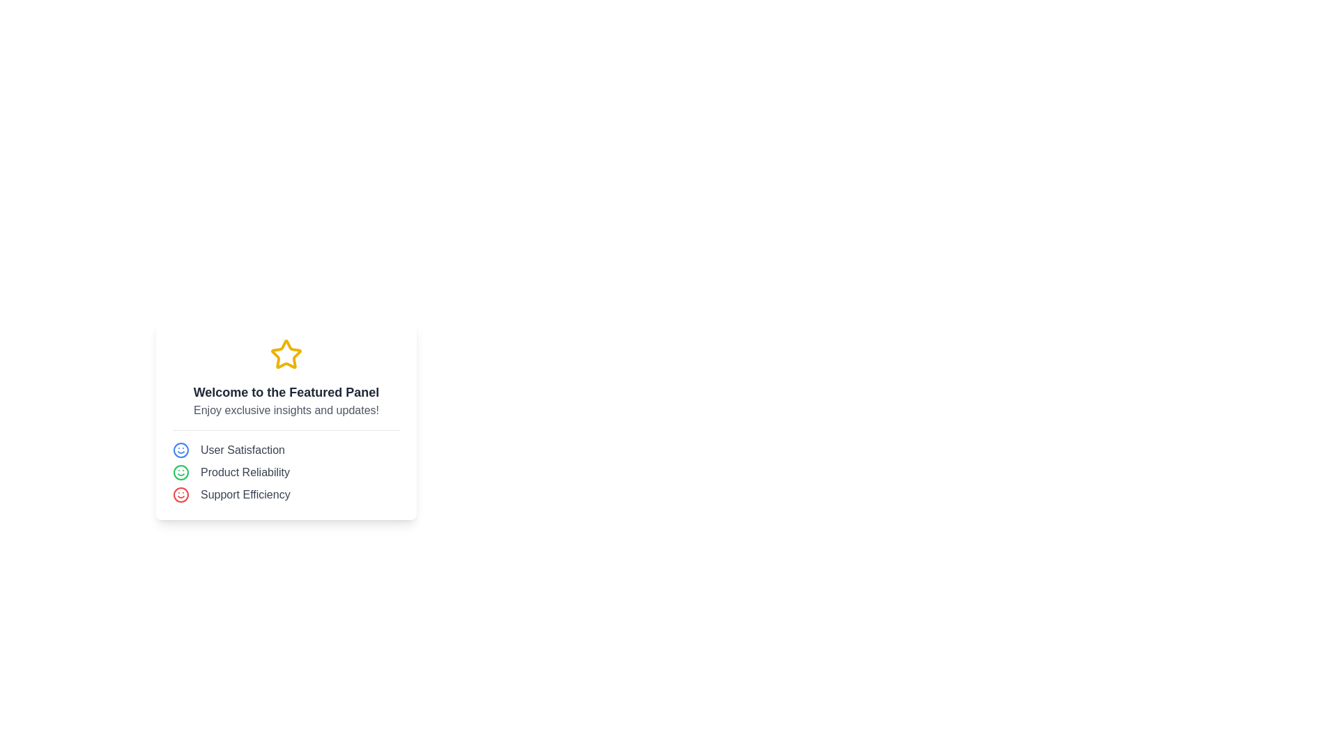 The height and width of the screenshot is (753, 1338). I want to click on the star icon located at the top-center of the card-like panel labeled 'Welcome to the Featured Panel', so click(286, 353).